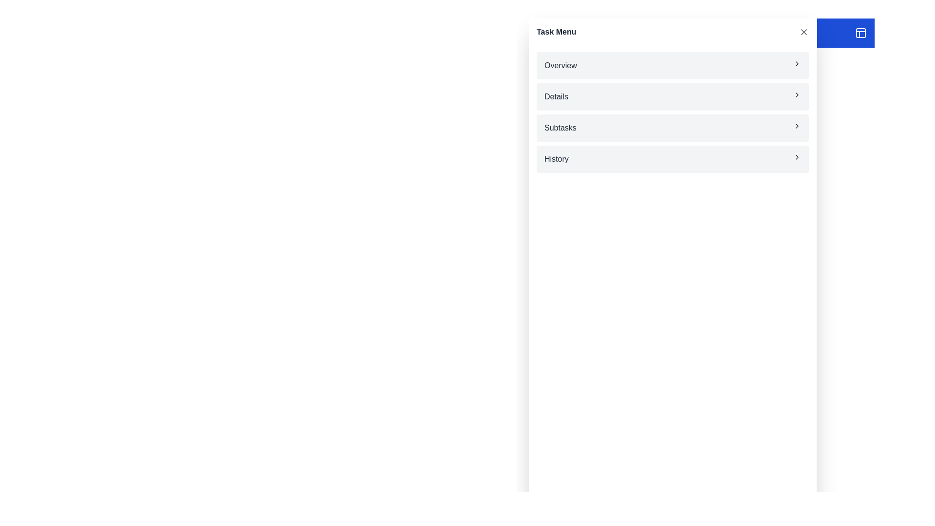  I want to click on the 'Subtasks' text label, which is the third item in the vertical menu list, so click(560, 127).